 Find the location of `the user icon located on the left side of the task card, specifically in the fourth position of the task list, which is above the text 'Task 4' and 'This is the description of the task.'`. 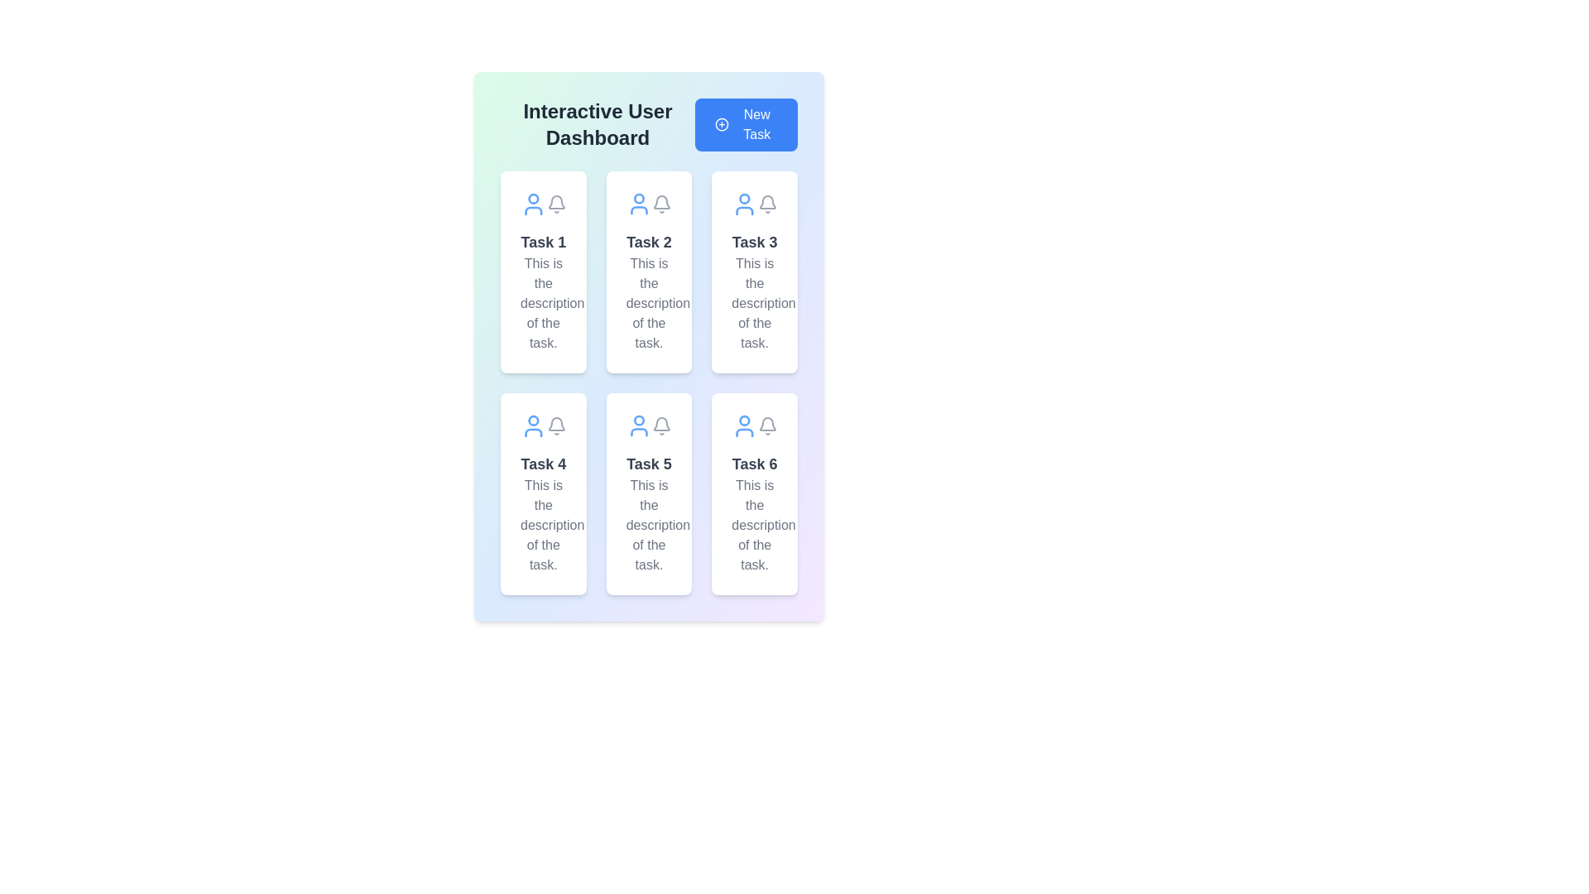

the user icon located on the left side of the task card, specifically in the fourth position of the task list, which is above the text 'Task 4' and 'This is the description of the task.' is located at coordinates (533, 425).